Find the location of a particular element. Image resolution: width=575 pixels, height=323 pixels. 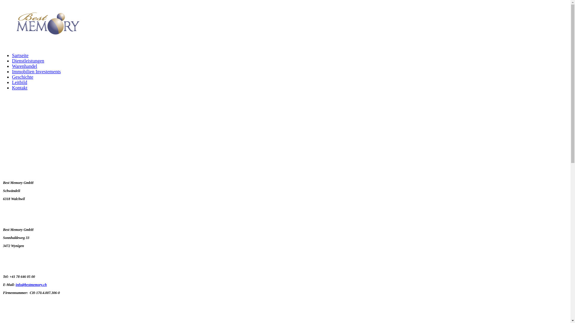

'Dienstleistungen' is located at coordinates (28, 61).